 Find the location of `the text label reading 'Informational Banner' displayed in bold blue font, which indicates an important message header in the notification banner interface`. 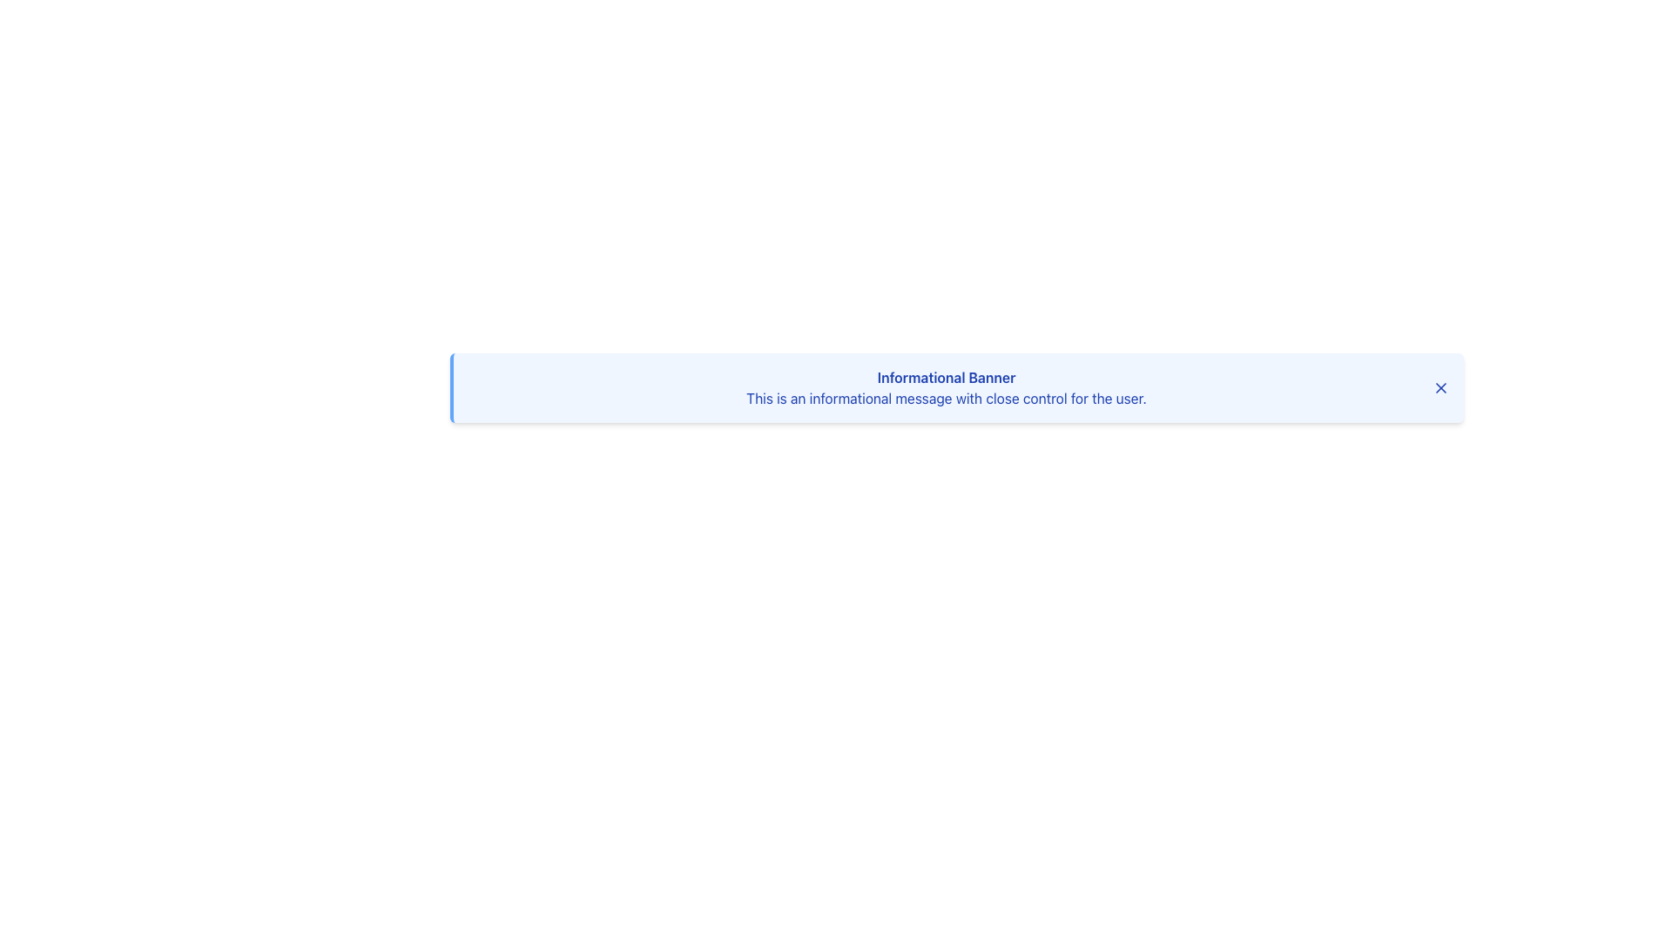

the text label reading 'Informational Banner' displayed in bold blue font, which indicates an important message header in the notification banner interface is located at coordinates (945, 377).